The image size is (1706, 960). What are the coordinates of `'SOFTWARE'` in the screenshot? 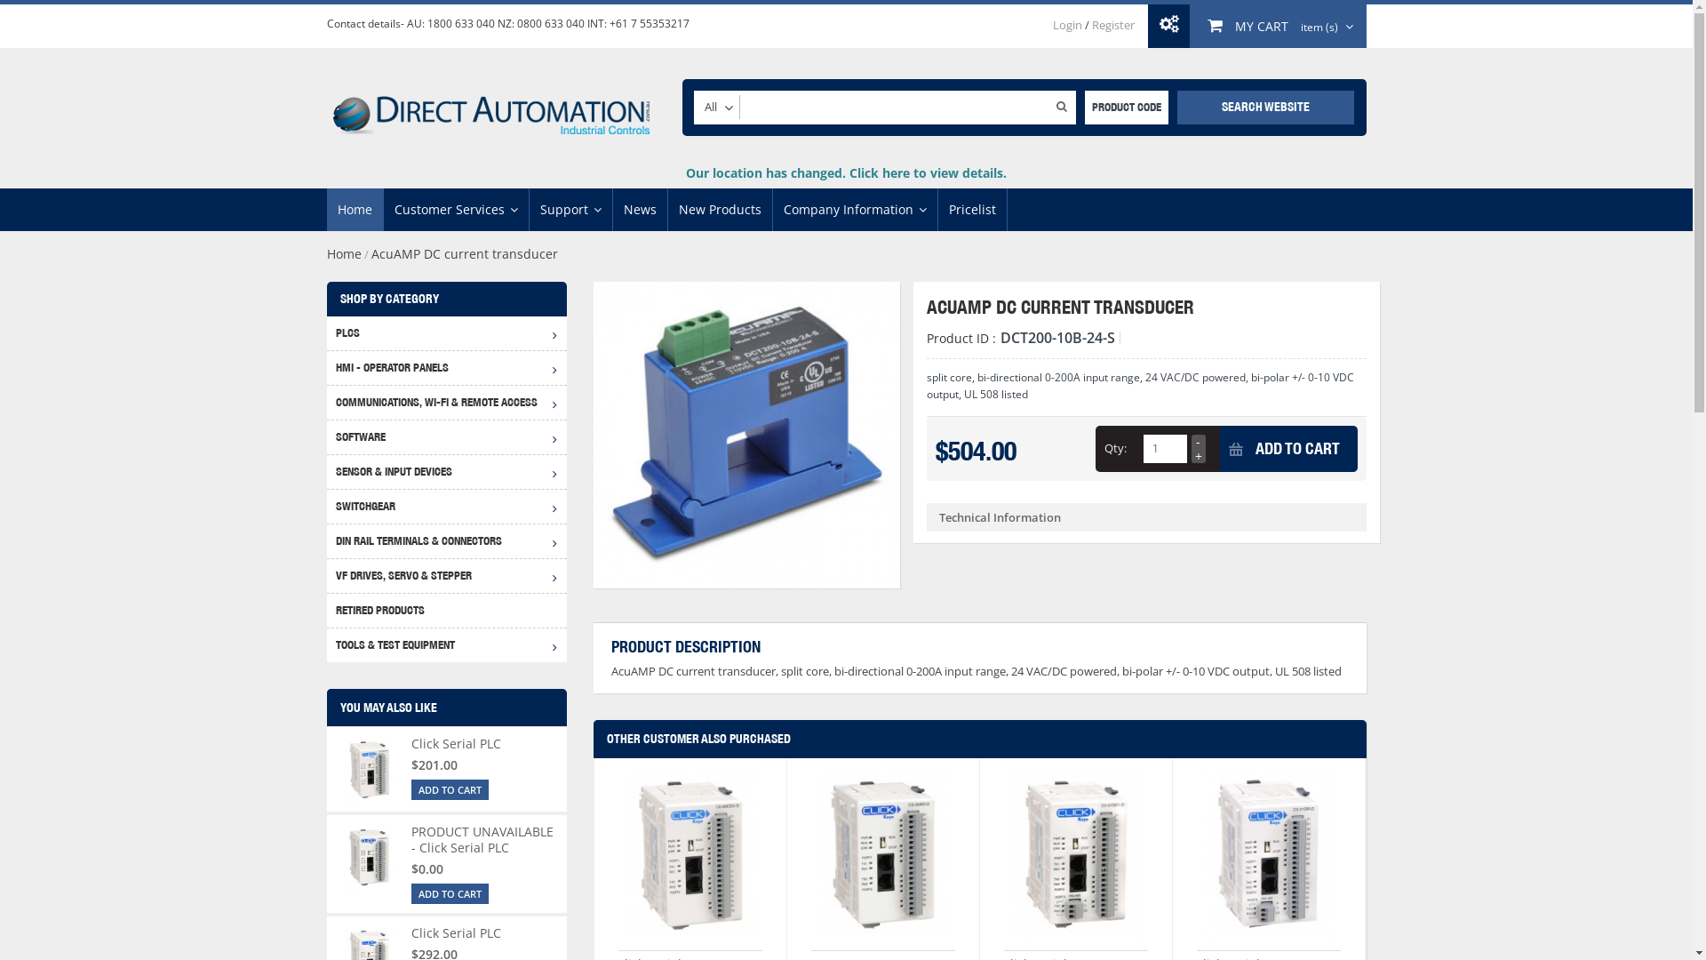 It's located at (447, 436).